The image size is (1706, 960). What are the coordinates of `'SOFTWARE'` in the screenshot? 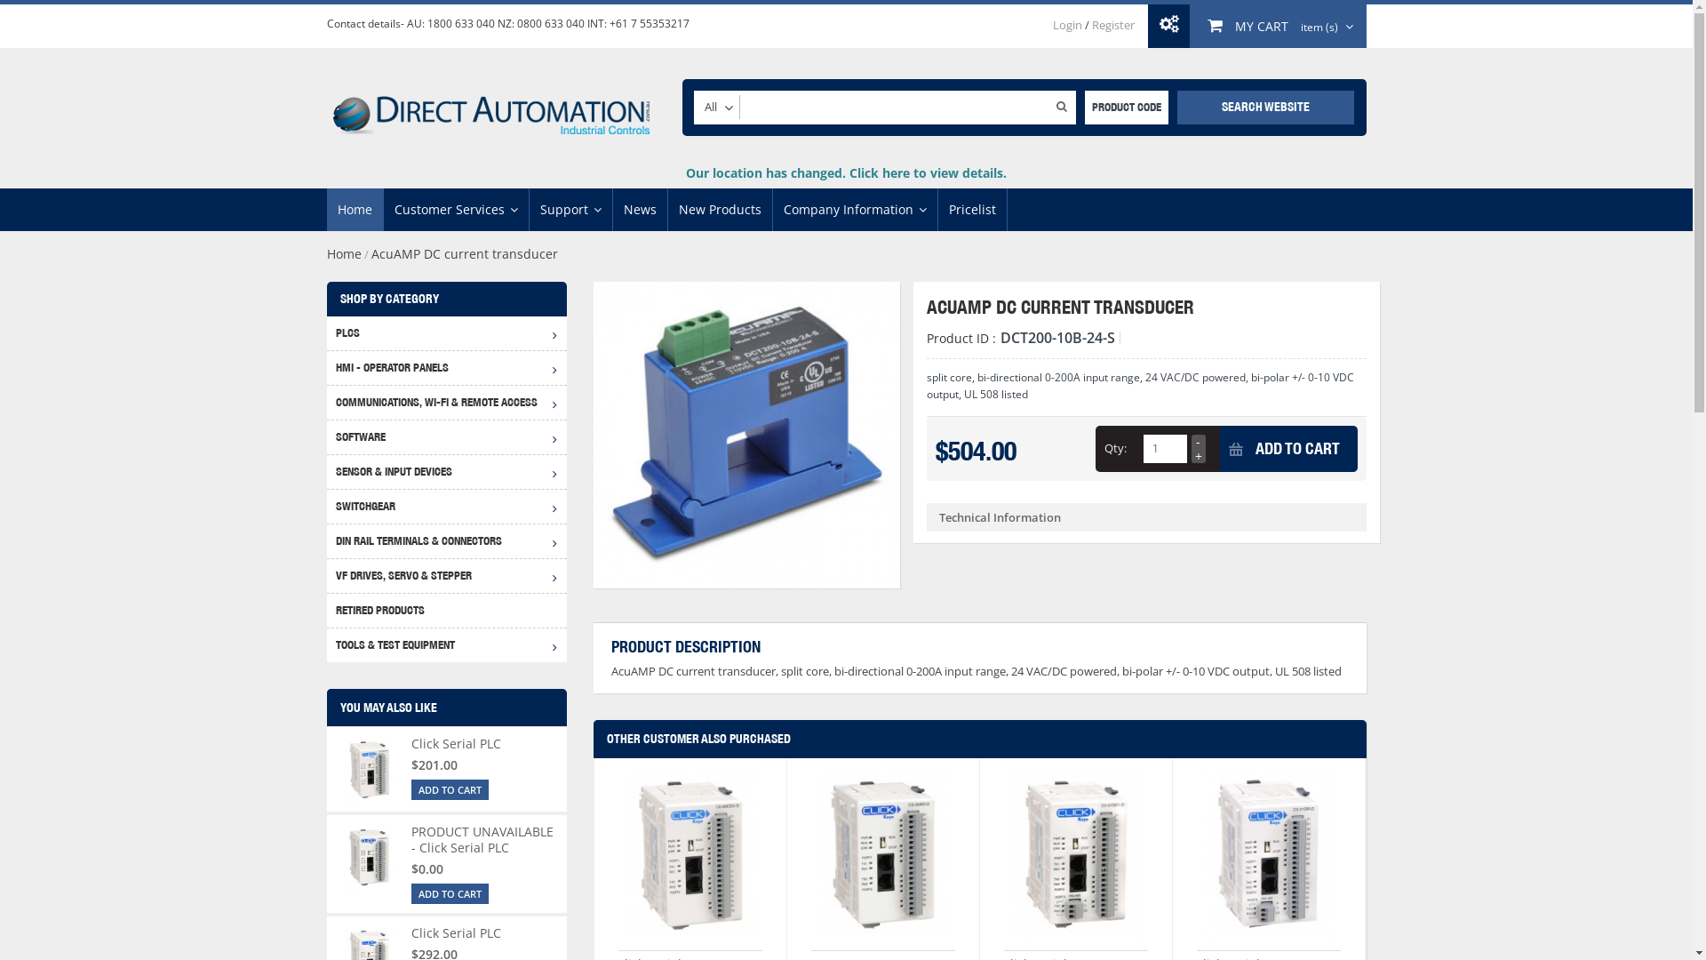 It's located at (447, 436).